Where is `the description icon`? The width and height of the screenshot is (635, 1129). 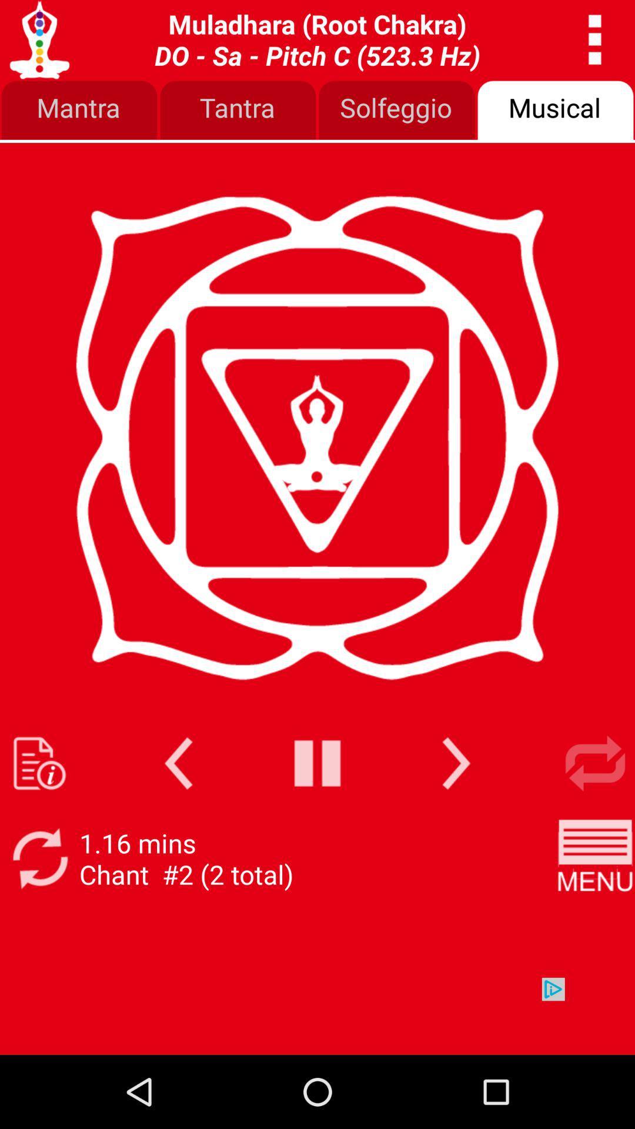
the description icon is located at coordinates (39, 816).